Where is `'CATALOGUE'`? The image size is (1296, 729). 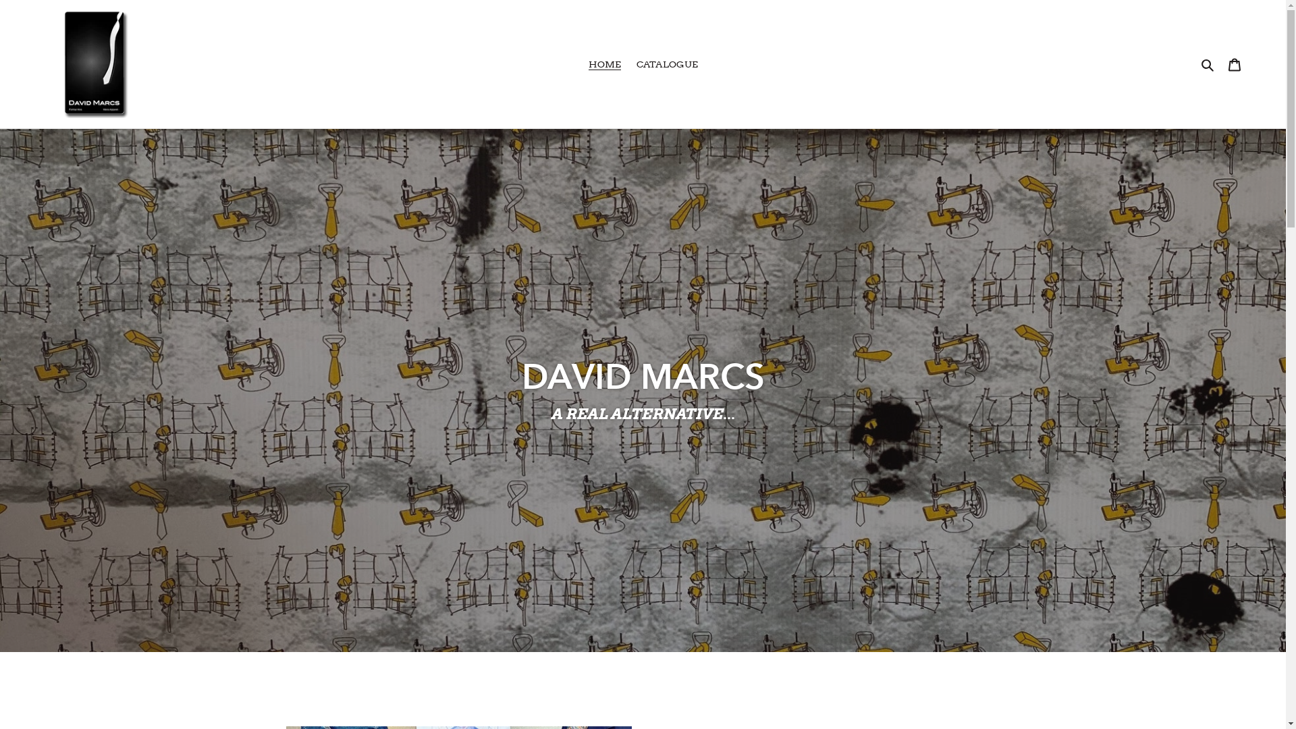
'CATALOGUE' is located at coordinates (628, 64).